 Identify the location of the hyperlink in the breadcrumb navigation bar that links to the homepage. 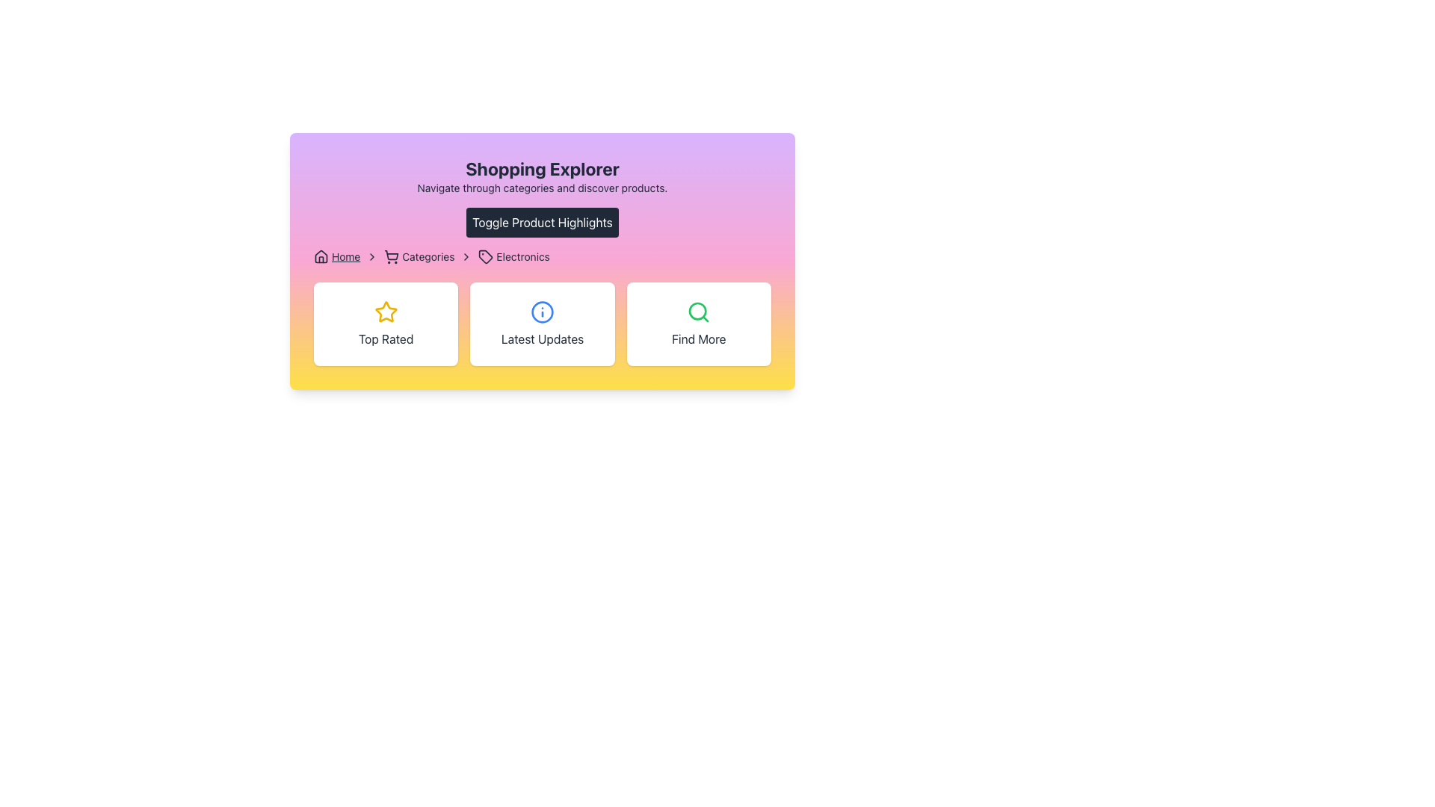
(345, 256).